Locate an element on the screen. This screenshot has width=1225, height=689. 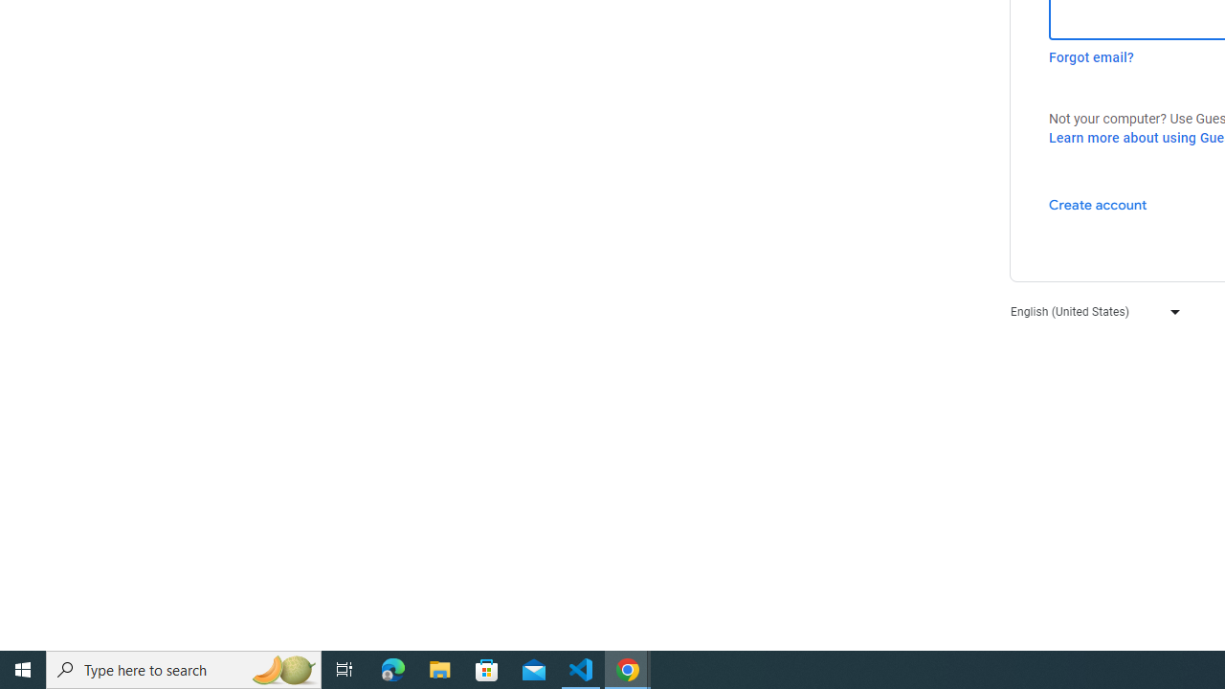
'Forgot email?' is located at coordinates (1091, 56).